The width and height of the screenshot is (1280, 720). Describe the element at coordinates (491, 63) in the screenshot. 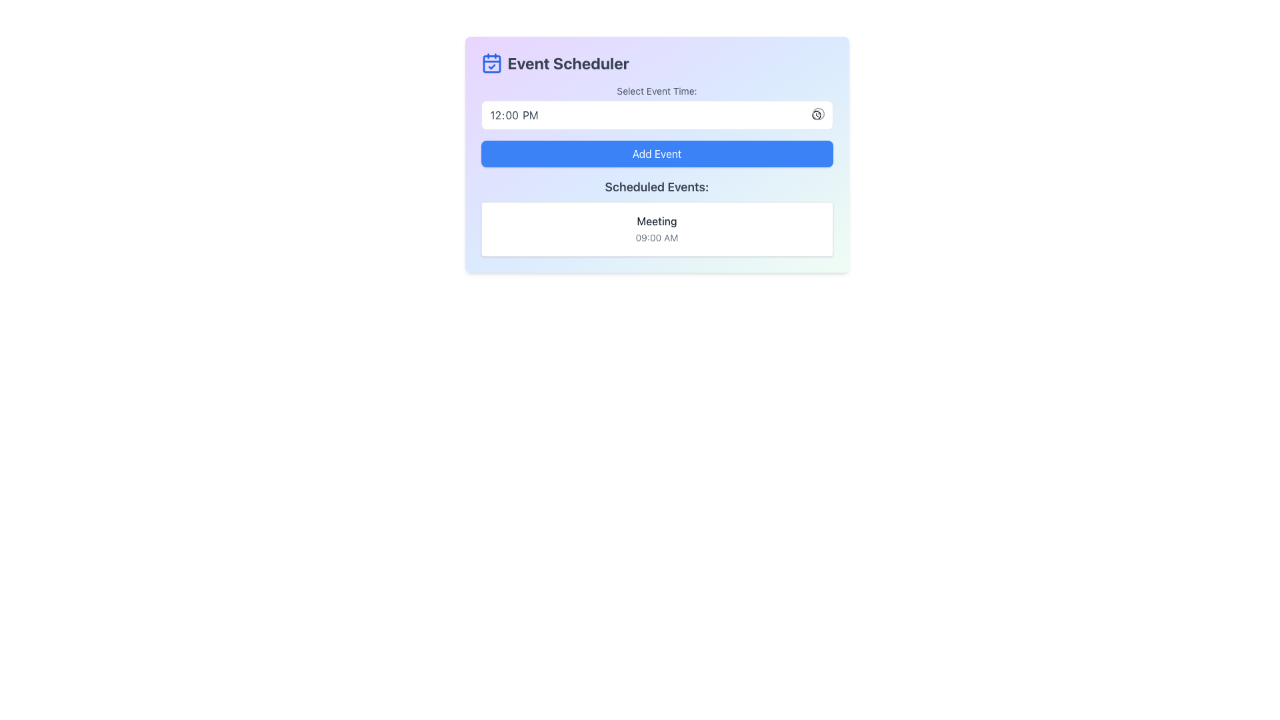

I see `the blue-colored calendar icon with a check mark located to the left of the 'Event Scheduler' title` at that location.